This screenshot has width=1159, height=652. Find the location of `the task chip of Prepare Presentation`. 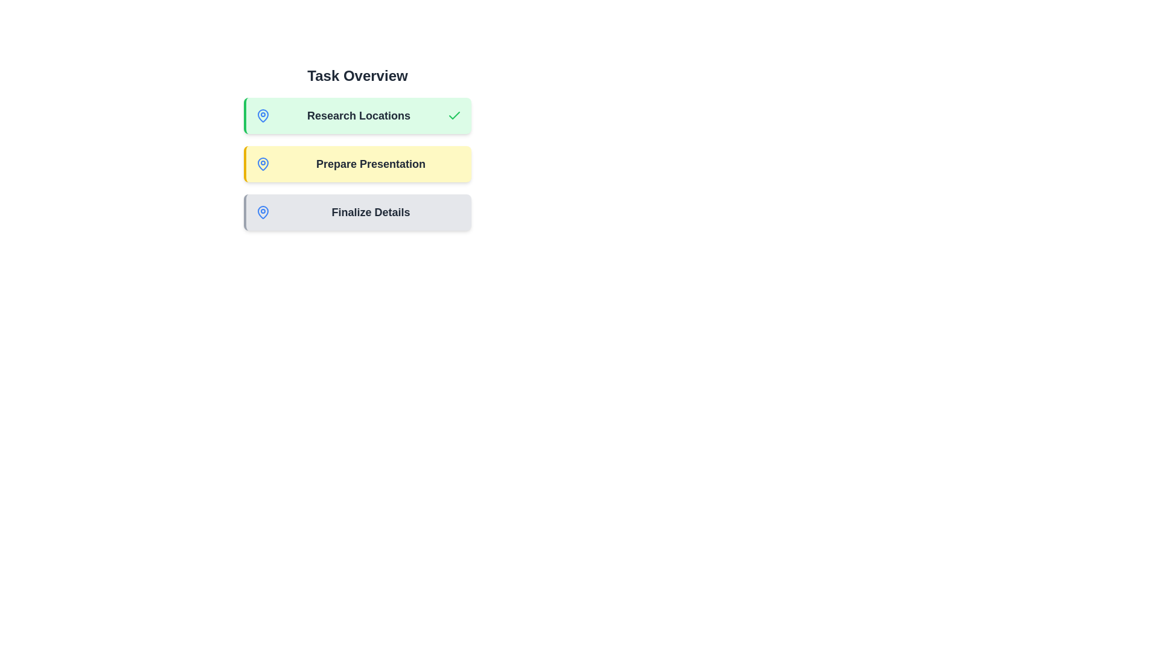

the task chip of Prepare Presentation is located at coordinates (357, 164).